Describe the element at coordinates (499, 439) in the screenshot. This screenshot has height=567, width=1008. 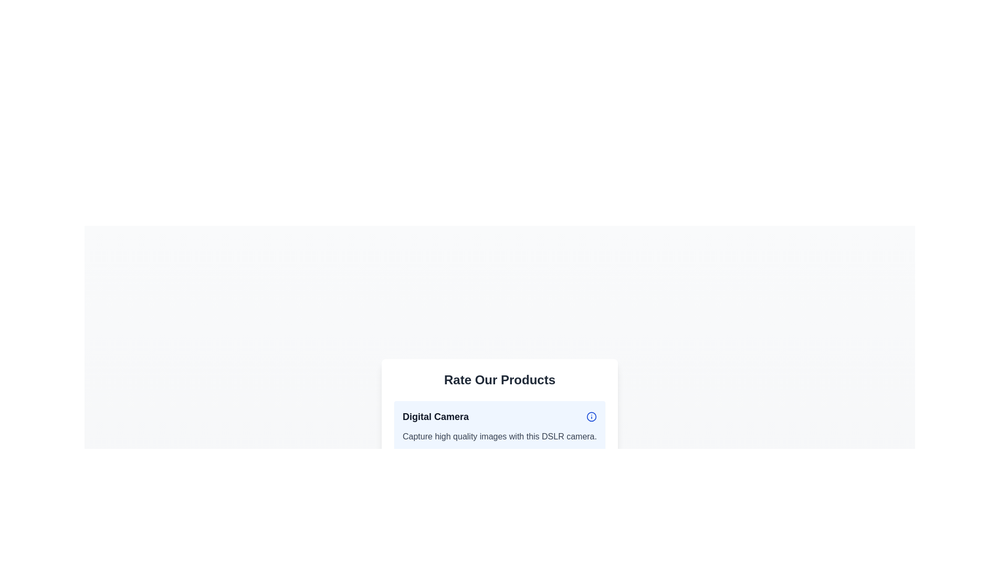
I see `the product description text for 'Digital Camera'` at that location.